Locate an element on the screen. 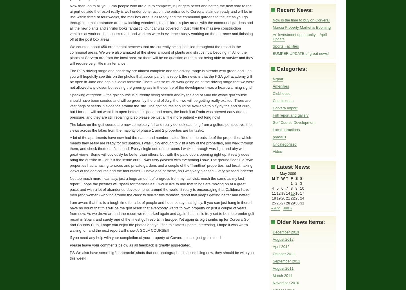  '15' is located at coordinates (292, 193).